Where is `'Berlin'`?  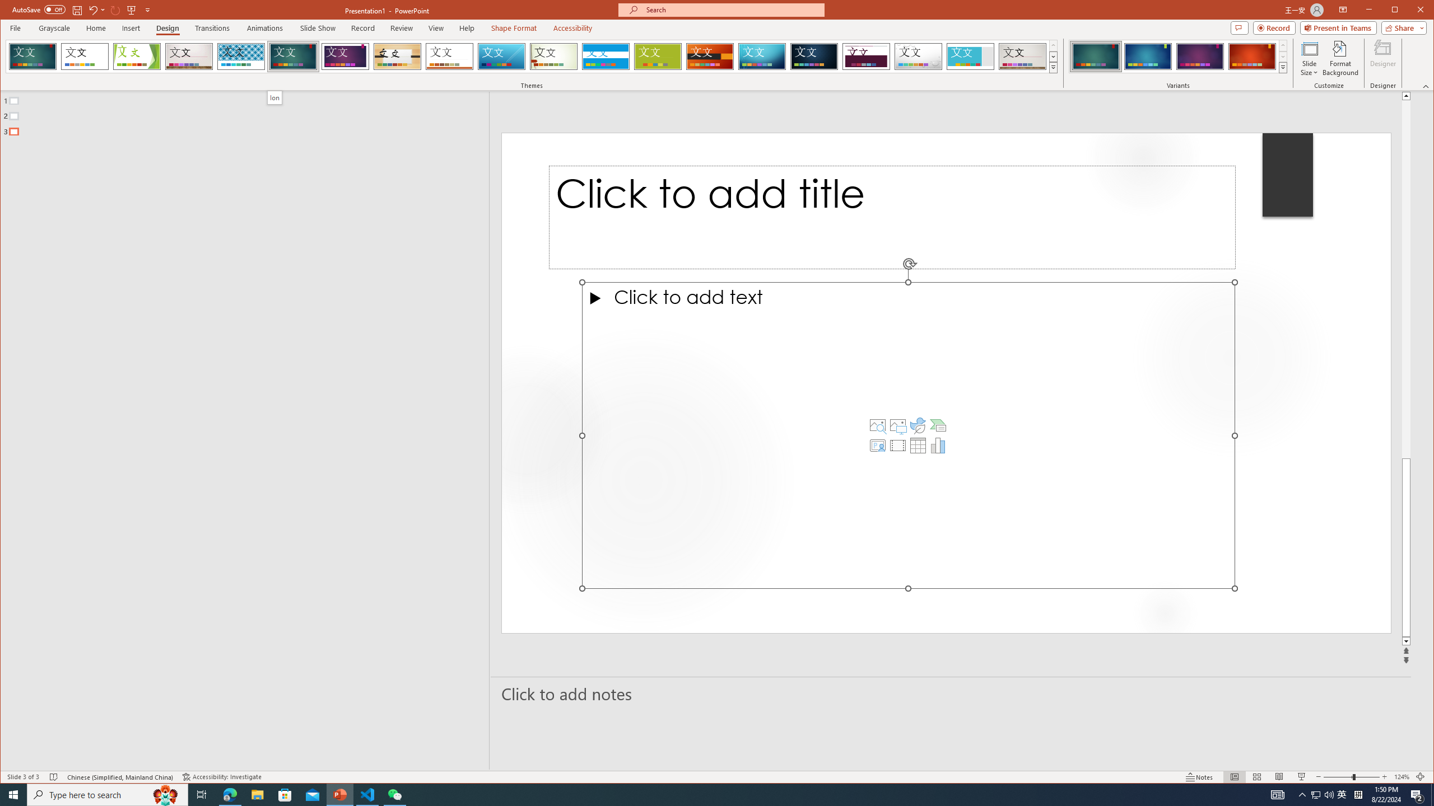 'Berlin' is located at coordinates (710, 56).